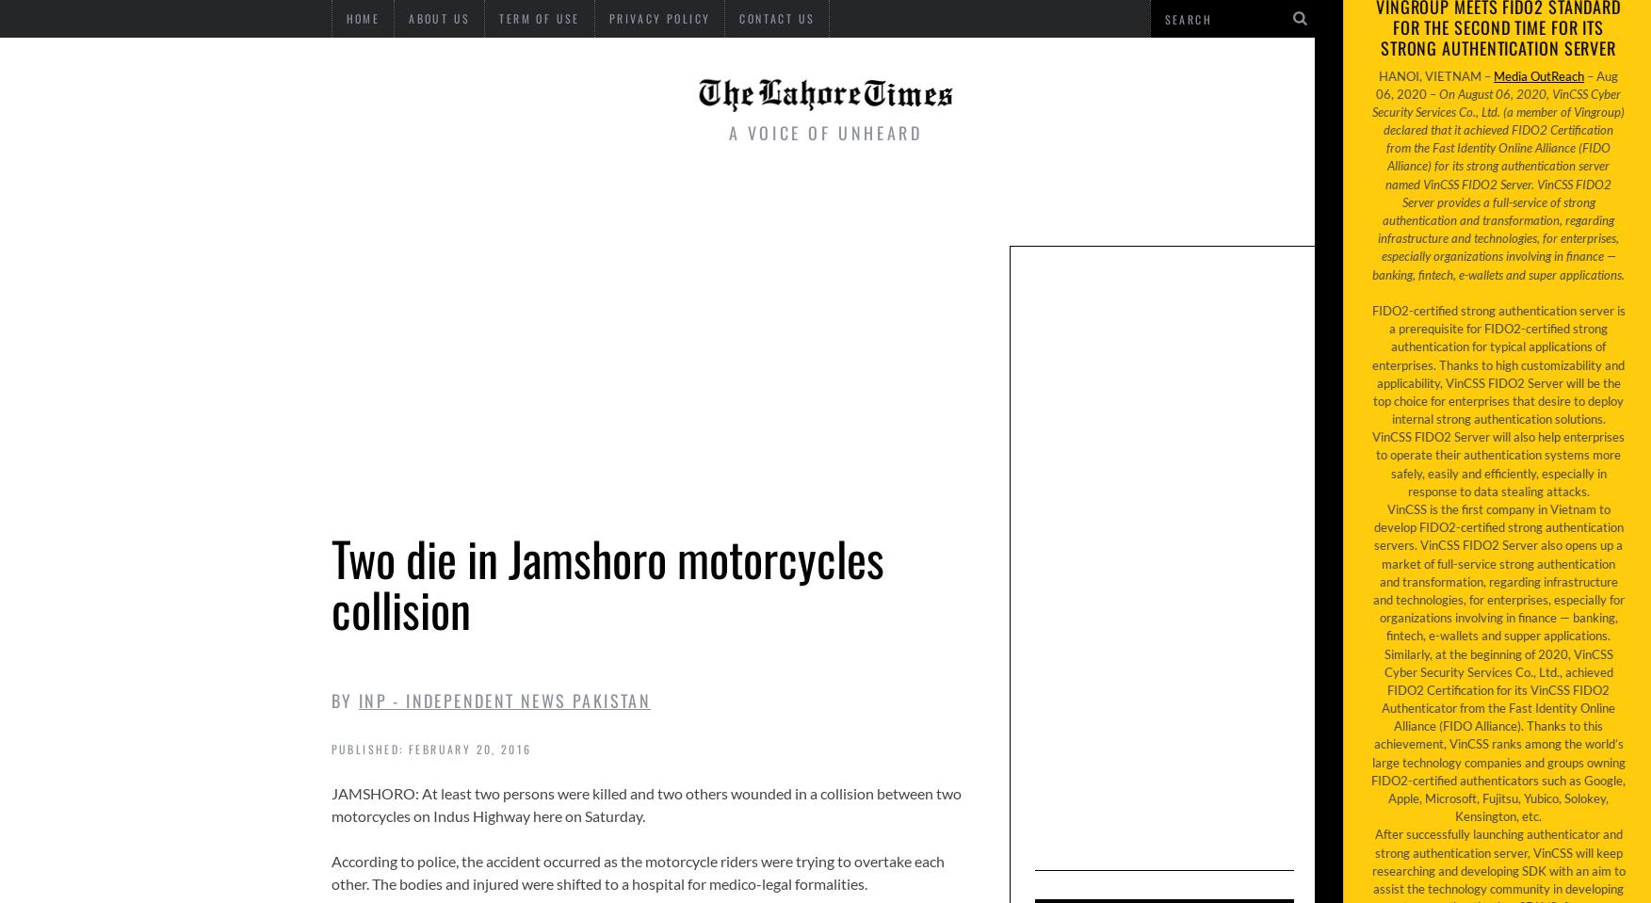 The height and width of the screenshot is (903, 1651). I want to click on 'World', so click(678, 199).